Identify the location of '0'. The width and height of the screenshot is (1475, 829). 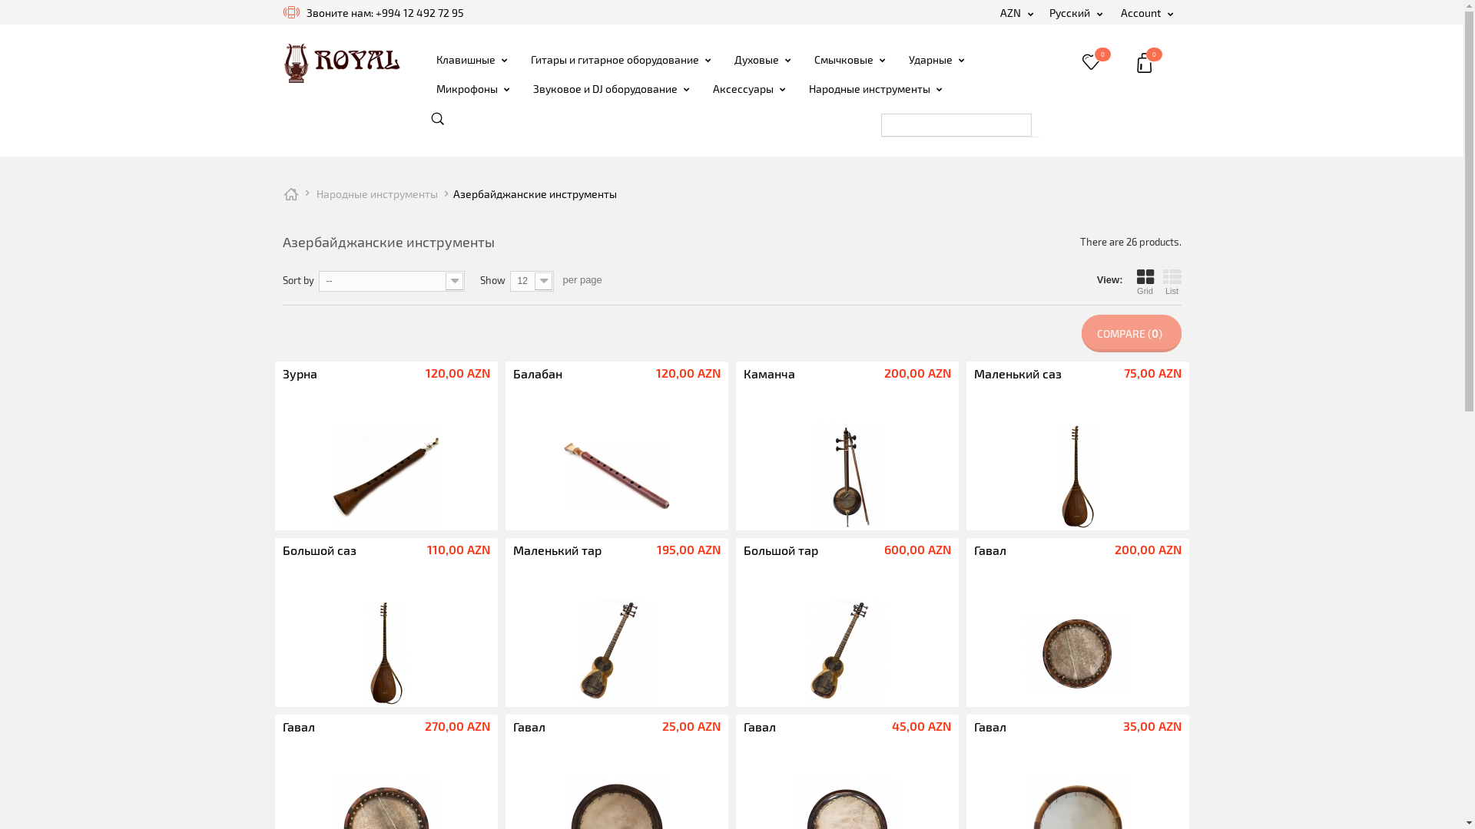
(1107, 59).